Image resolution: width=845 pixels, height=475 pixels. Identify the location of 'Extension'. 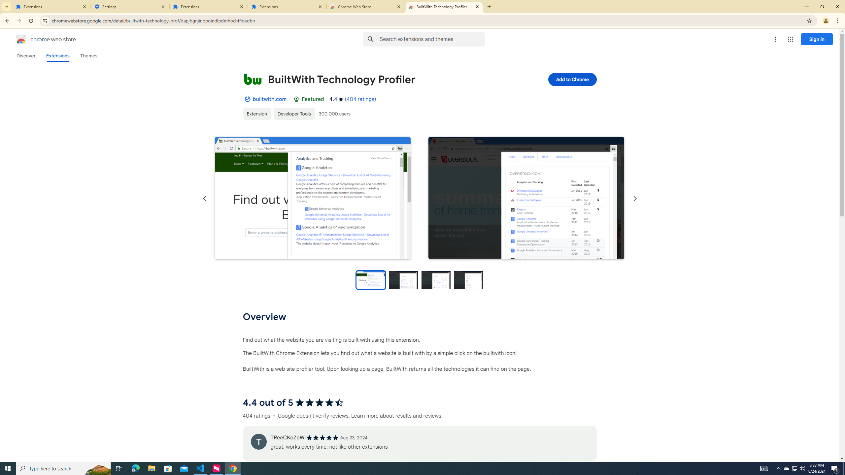
(257, 113).